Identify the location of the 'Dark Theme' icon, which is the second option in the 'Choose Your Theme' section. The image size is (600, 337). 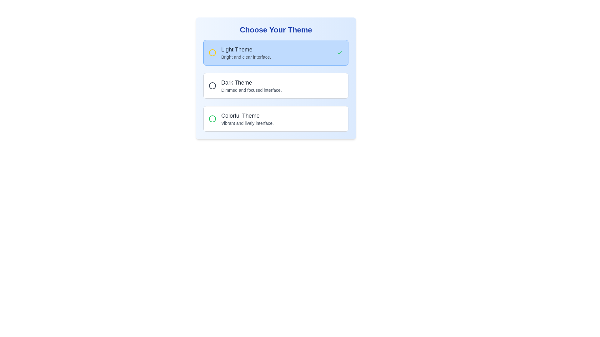
(212, 85).